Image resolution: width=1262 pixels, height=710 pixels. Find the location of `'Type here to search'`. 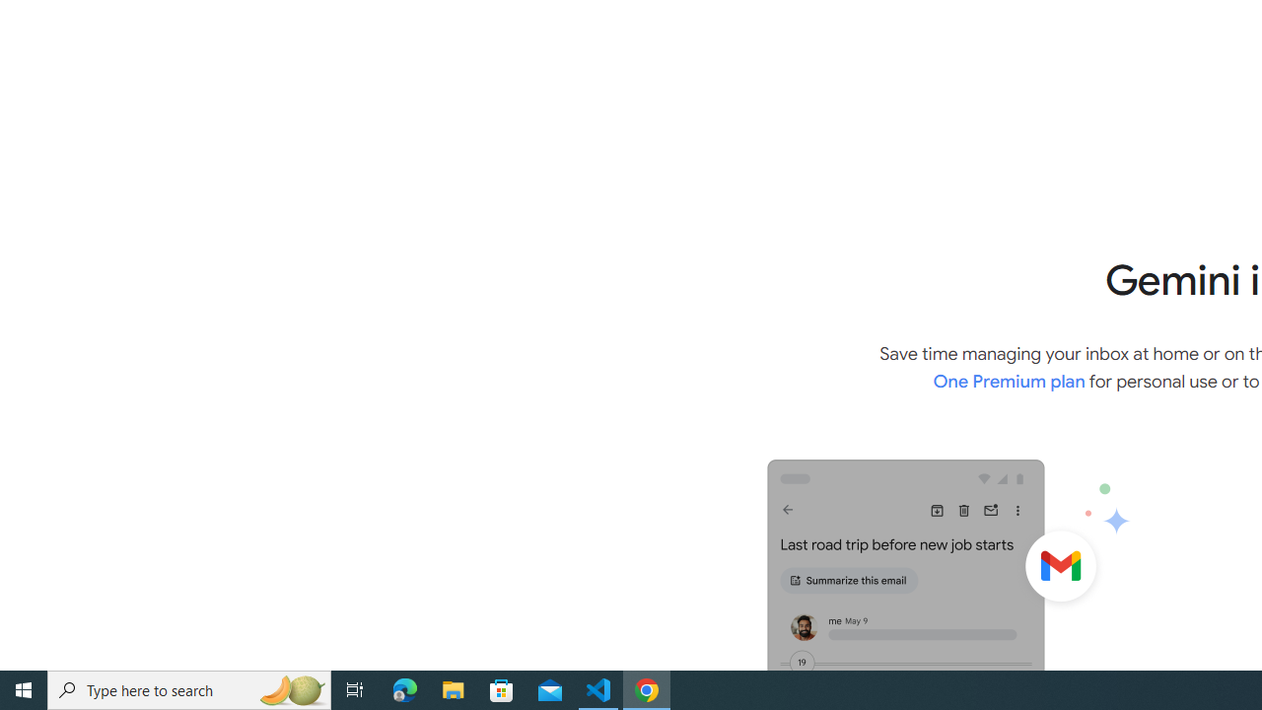

'Type here to search' is located at coordinates (189, 688).